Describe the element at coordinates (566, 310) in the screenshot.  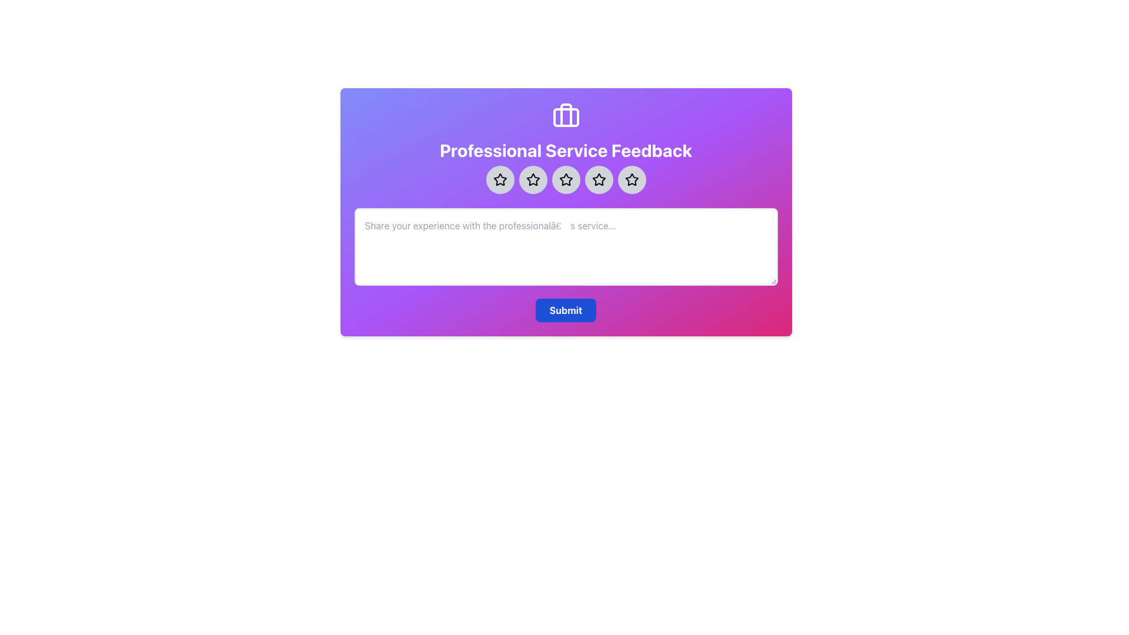
I see `the 'Submit' button, which is a prominent rectangular button with rounded corners and a blue background` at that location.